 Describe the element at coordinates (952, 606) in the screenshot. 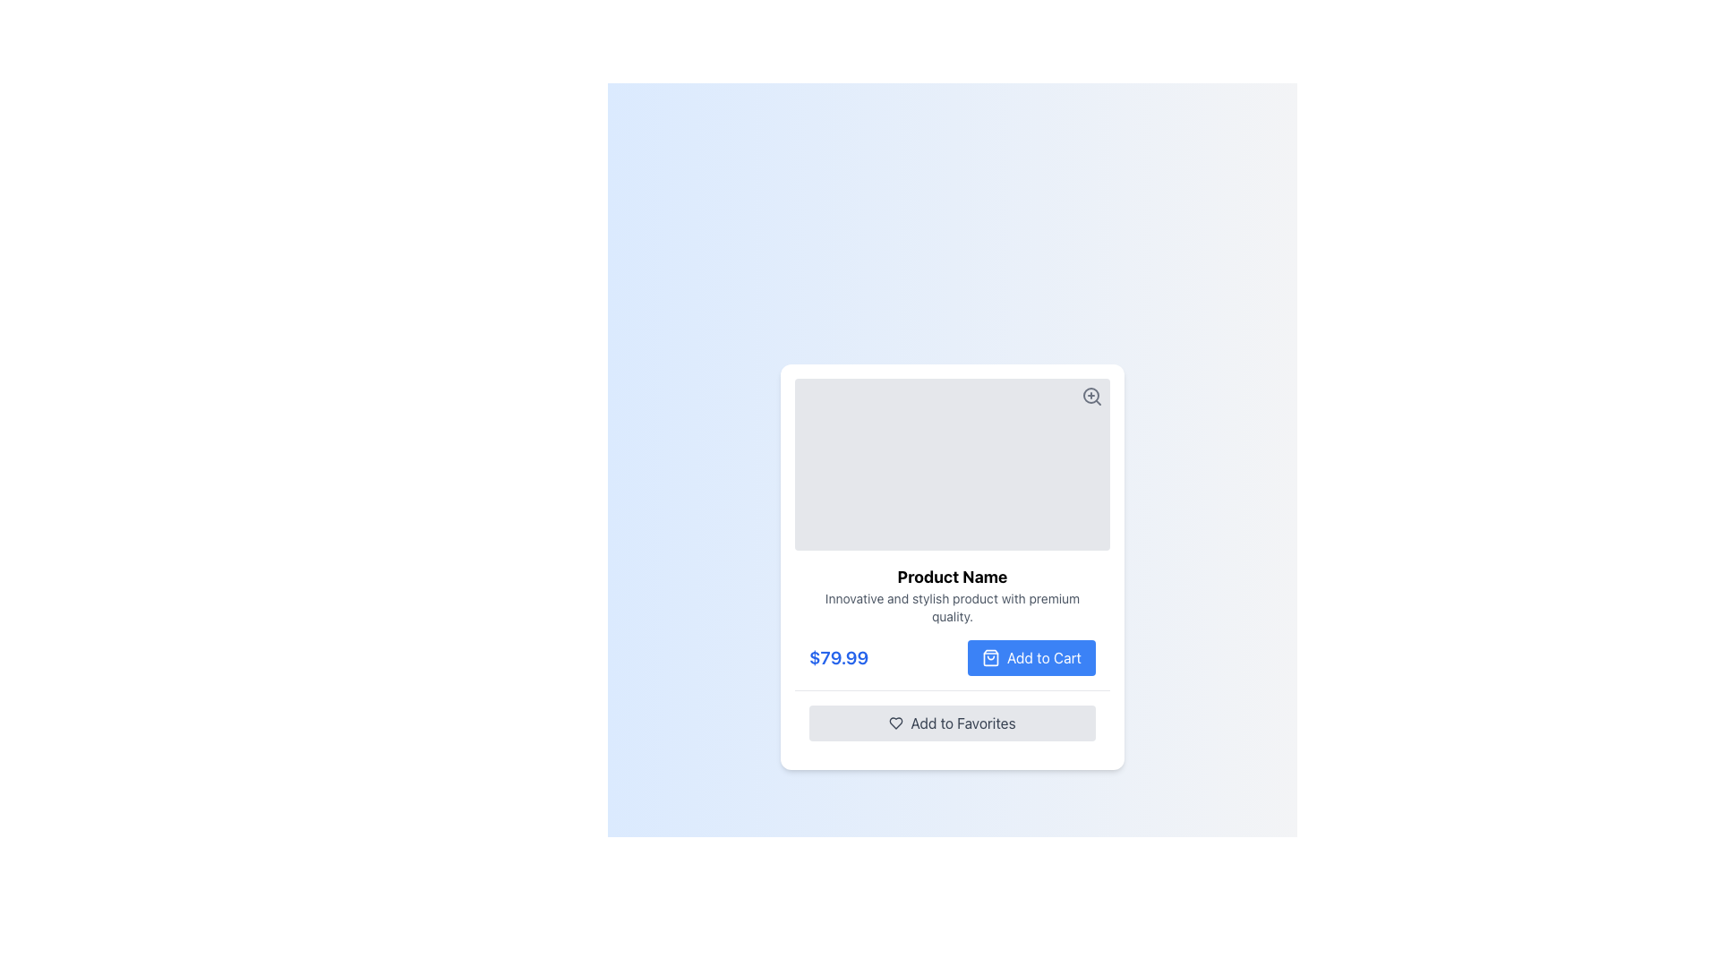

I see `the text block that reads 'Innovative and stylish product with premium quality.' located below the 'Product Name' title in the product card` at that location.